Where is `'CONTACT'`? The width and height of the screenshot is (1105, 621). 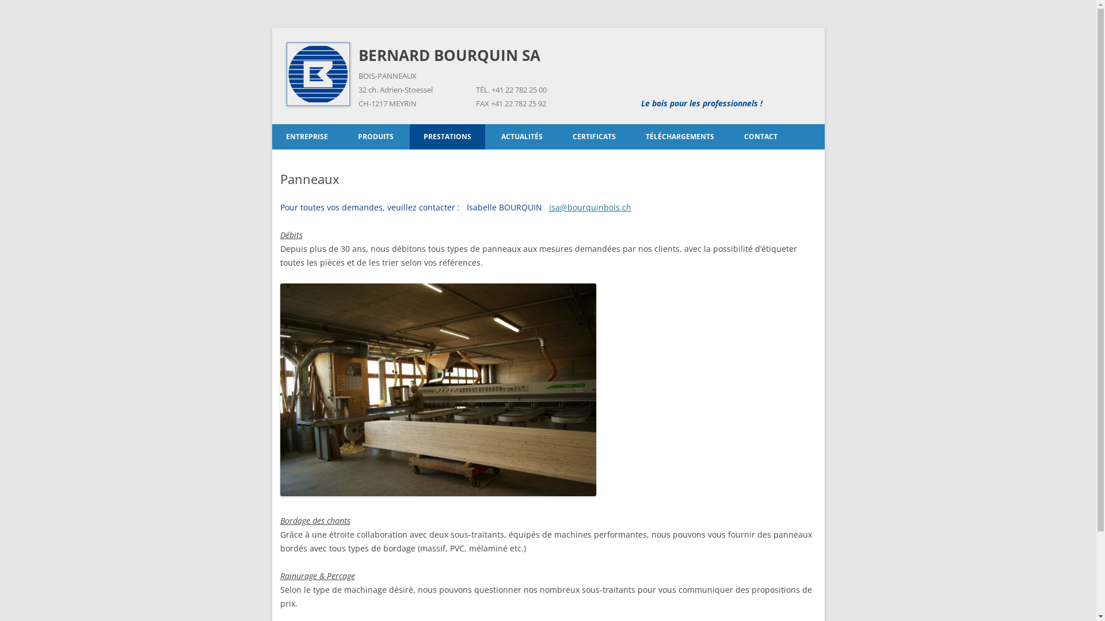 'CONTACT' is located at coordinates (760, 136).